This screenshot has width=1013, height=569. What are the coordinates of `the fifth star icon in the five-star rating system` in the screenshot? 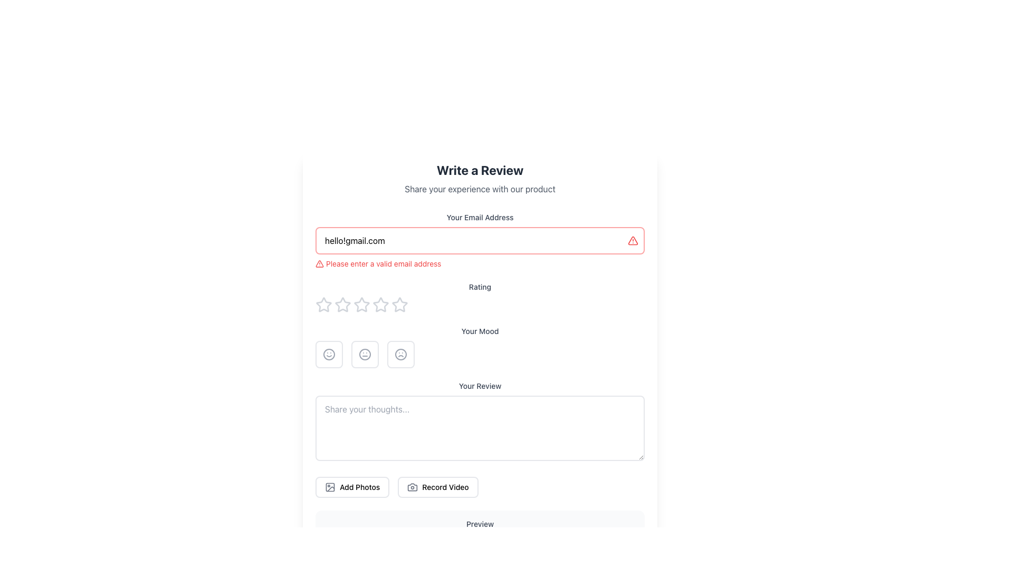 It's located at (399, 305).